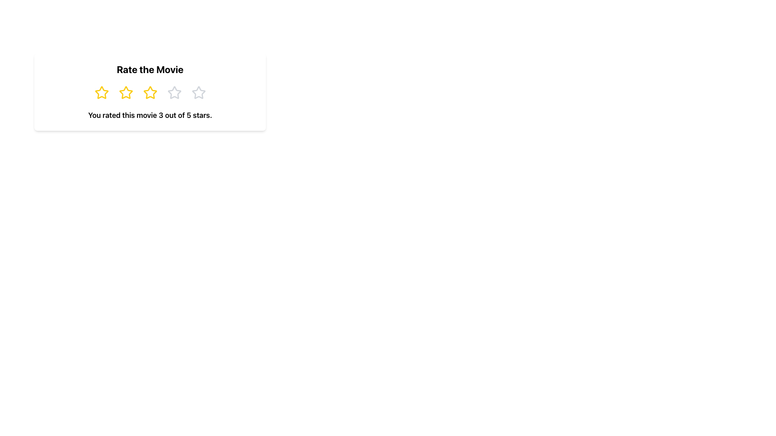  I want to click on the fourth star icon in the 'Rate the Movie' card panel, so click(198, 92).